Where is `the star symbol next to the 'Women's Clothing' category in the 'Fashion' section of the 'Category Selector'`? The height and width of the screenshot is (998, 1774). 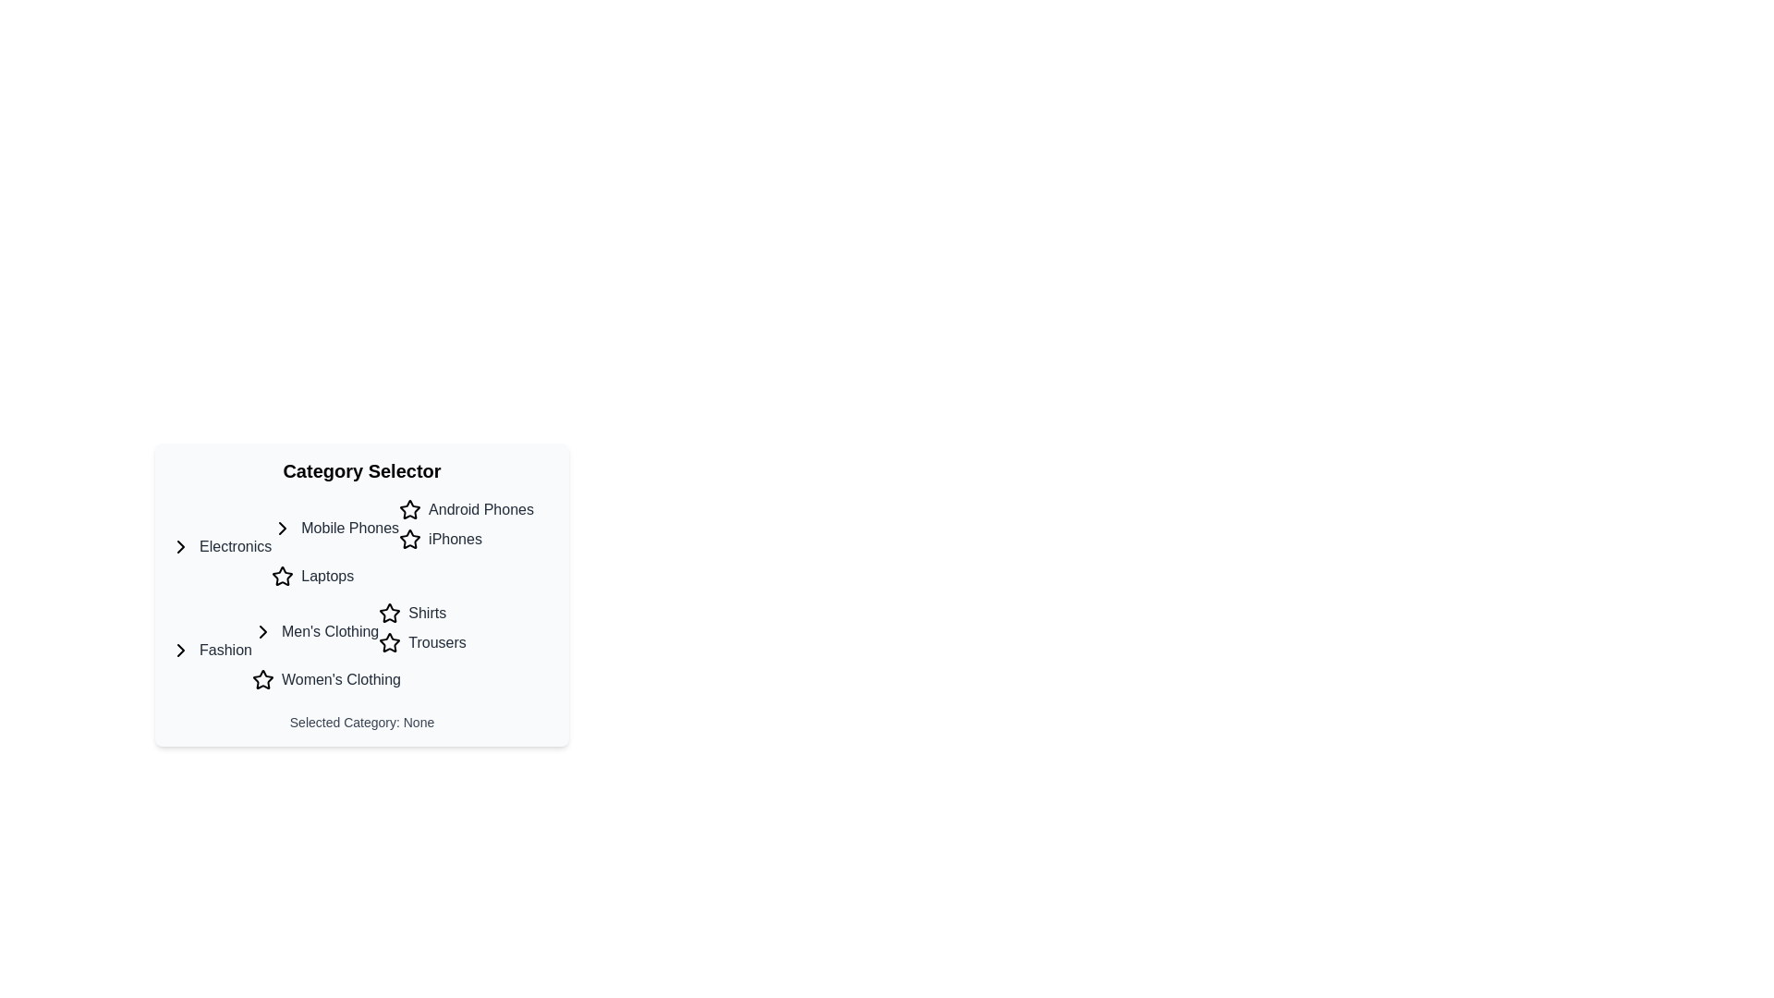 the star symbol next to the 'Women's Clothing' category in the 'Fashion' section of the 'Category Selector' is located at coordinates (261, 679).